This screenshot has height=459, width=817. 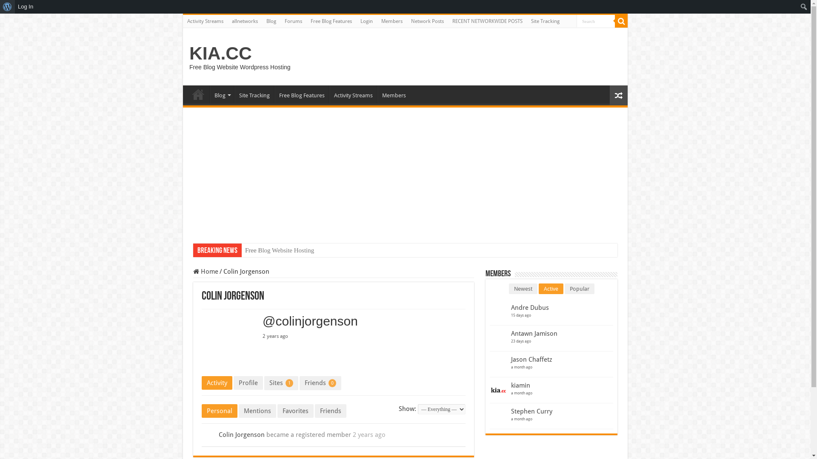 What do you see at coordinates (205, 21) in the screenshot?
I see `'Activity Streams'` at bounding box center [205, 21].